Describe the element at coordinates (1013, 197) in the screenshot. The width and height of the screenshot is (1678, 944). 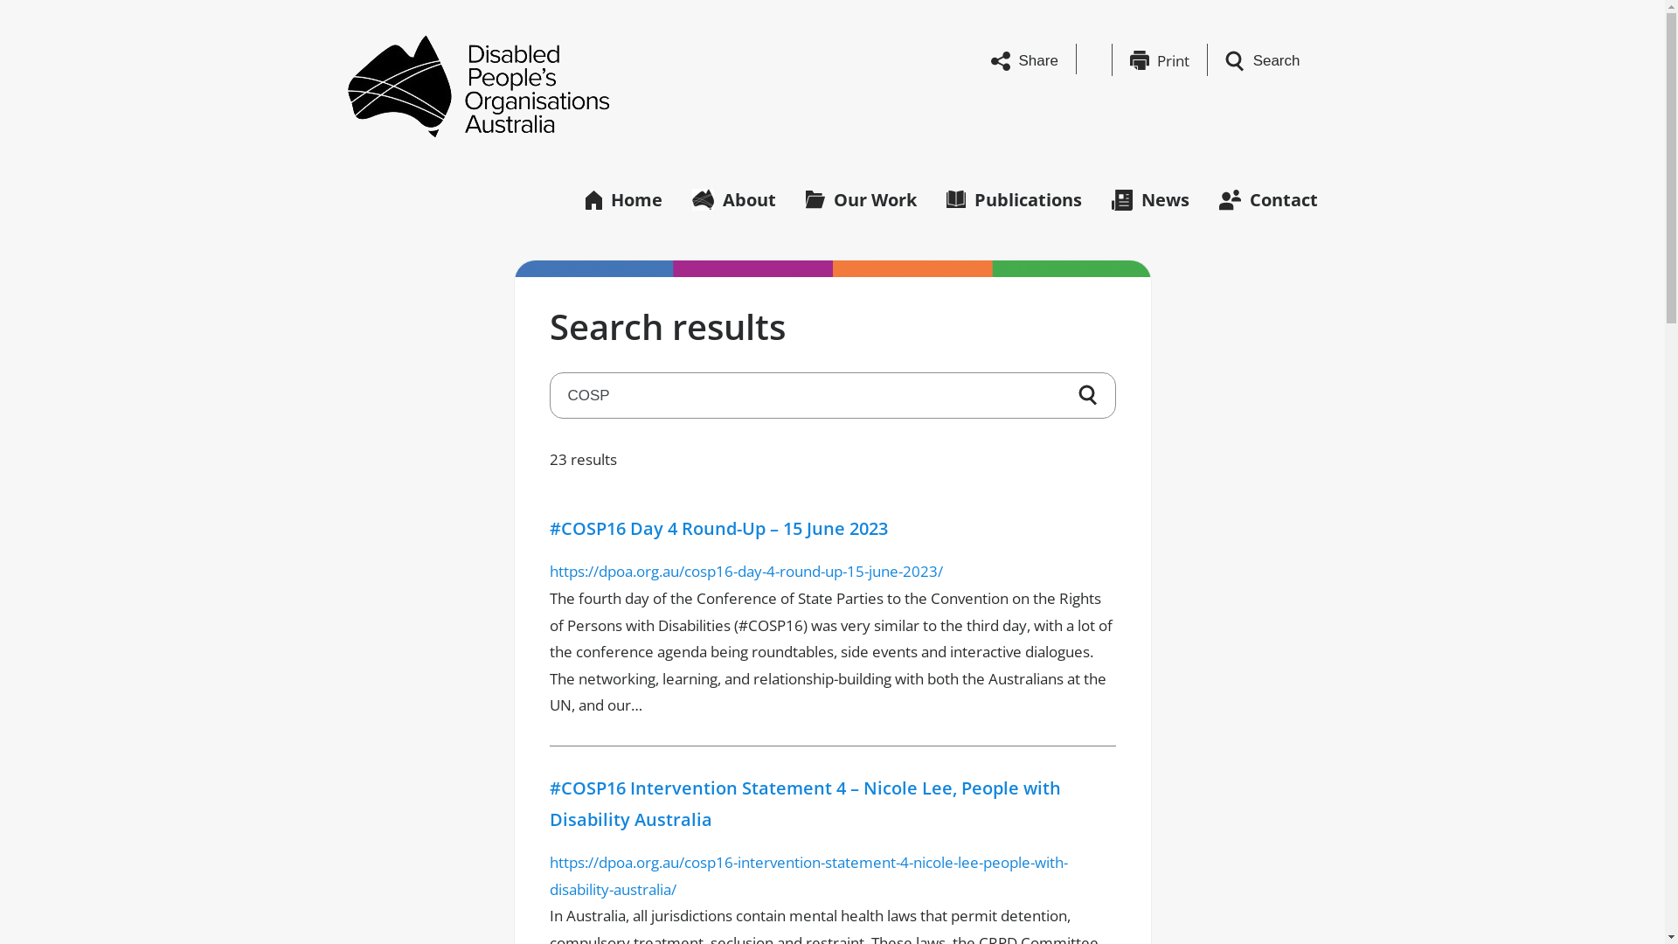
I see `'Publications'` at that location.